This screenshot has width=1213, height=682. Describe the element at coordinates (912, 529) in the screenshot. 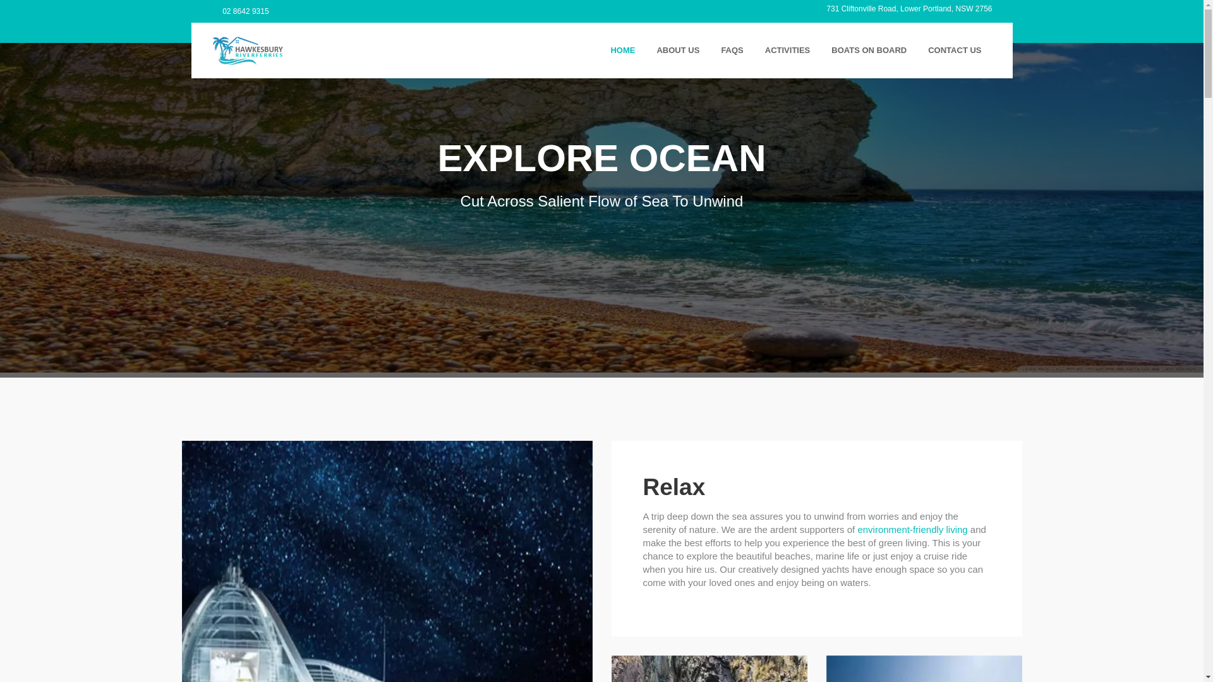

I see `'environment-friendly living'` at that location.